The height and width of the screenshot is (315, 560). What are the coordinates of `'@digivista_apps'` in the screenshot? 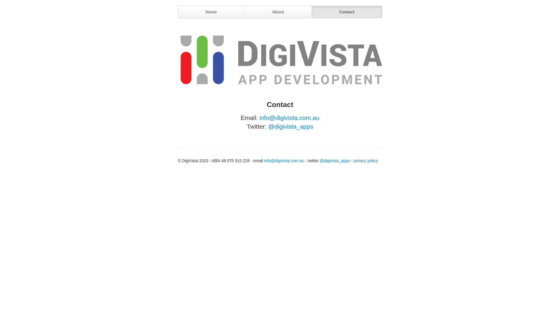 It's located at (291, 126).